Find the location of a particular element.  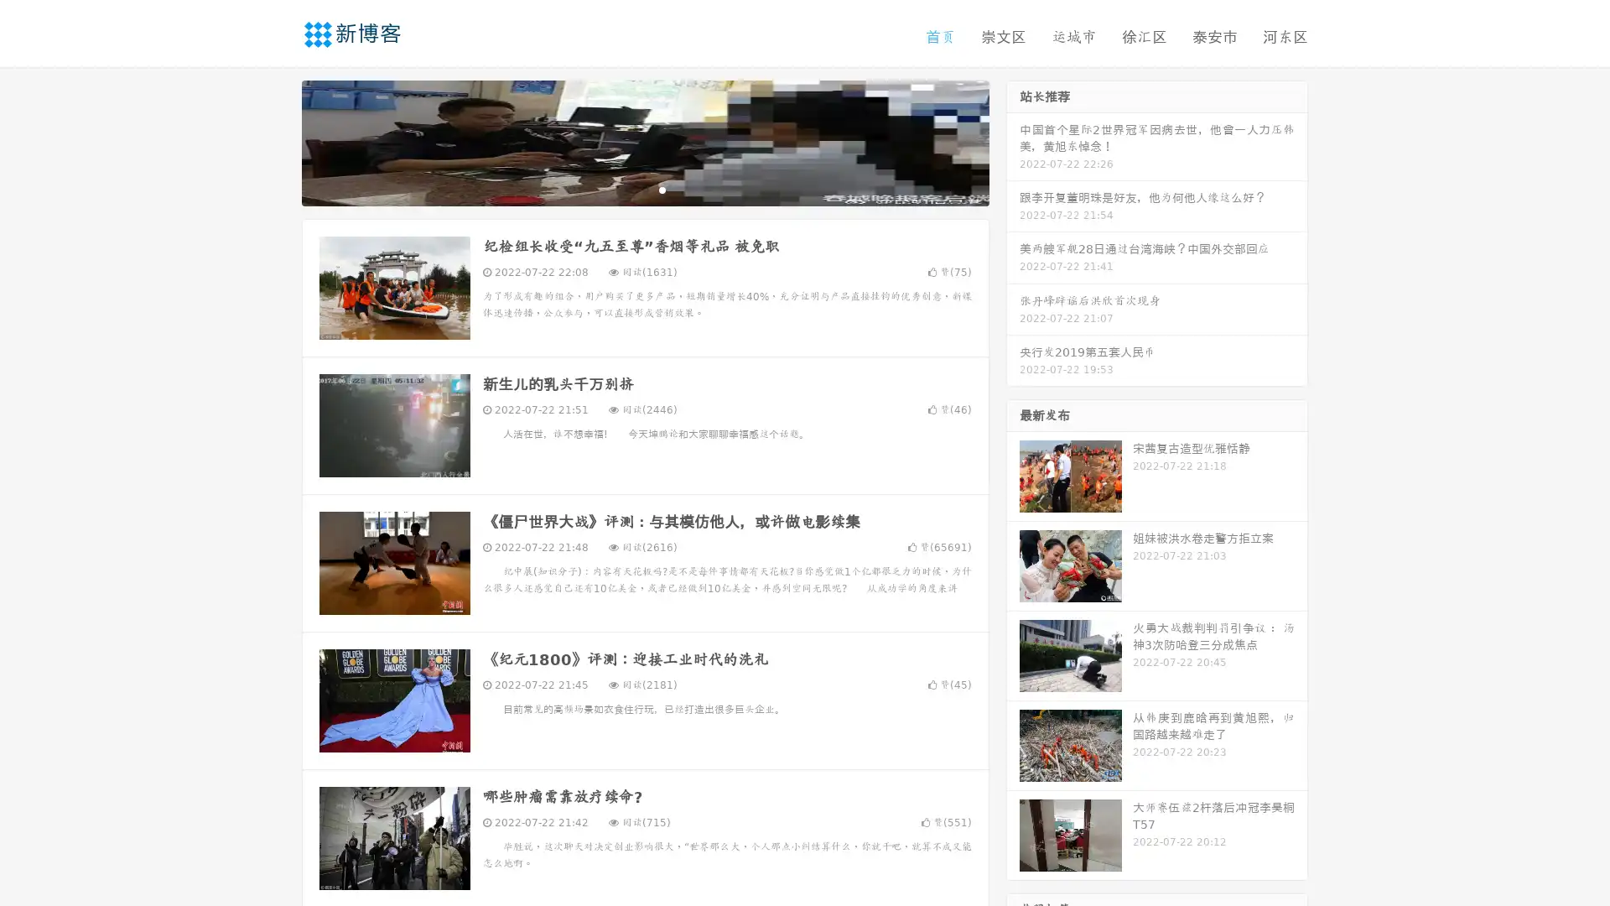

Go to slide 2 is located at coordinates (644, 189).